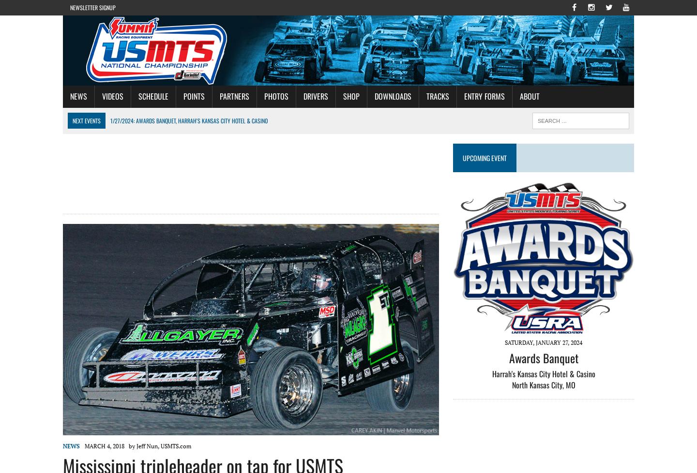 The height and width of the screenshot is (473, 697). I want to click on 'News', so click(71, 445).